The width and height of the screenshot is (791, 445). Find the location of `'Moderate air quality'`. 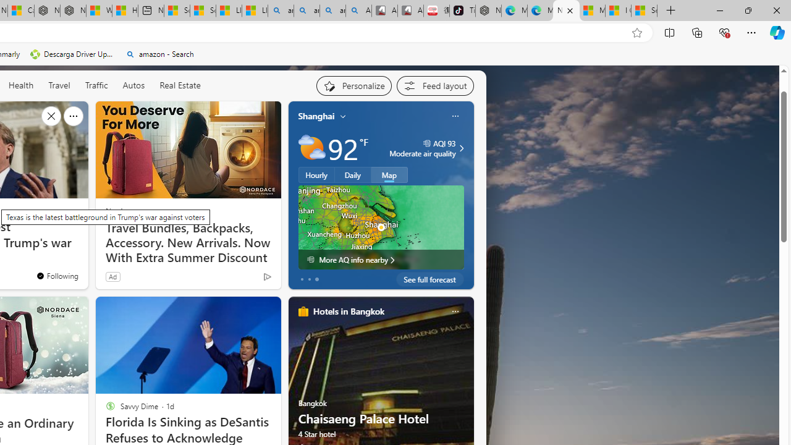

'Moderate air quality' is located at coordinates (459, 148).